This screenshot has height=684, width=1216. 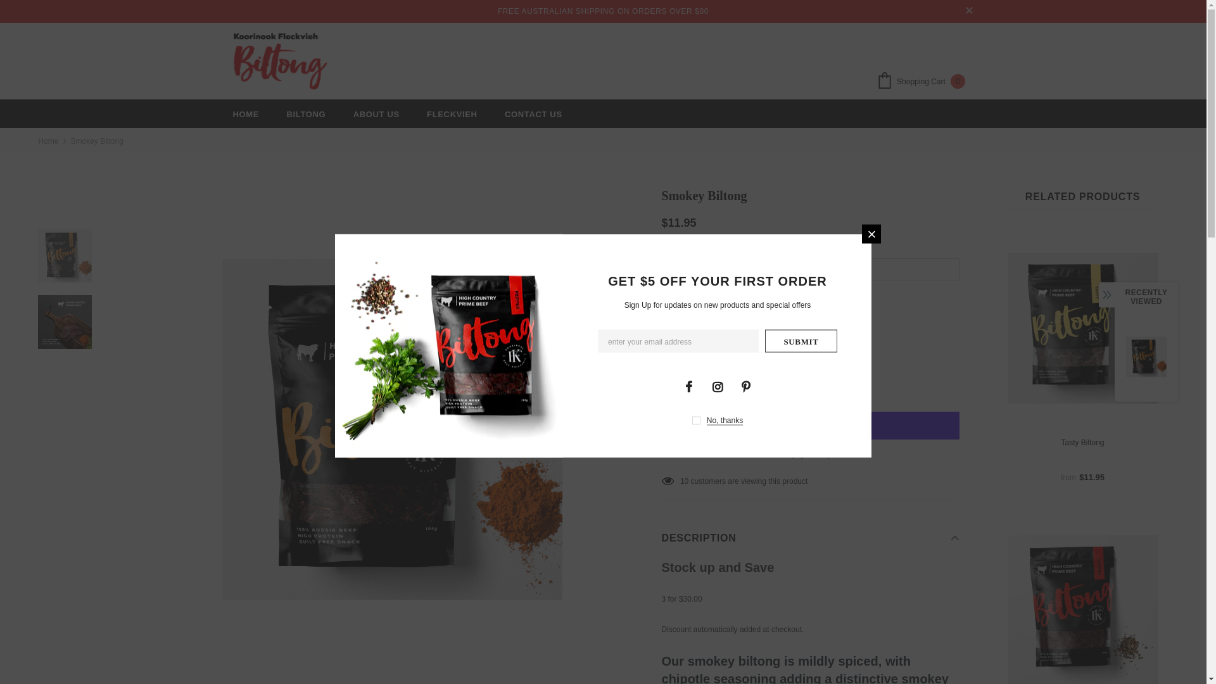 What do you see at coordinates (533, 113) in the screenshot?
I see `'CONTACT US'` at bounding box center [533, 113].